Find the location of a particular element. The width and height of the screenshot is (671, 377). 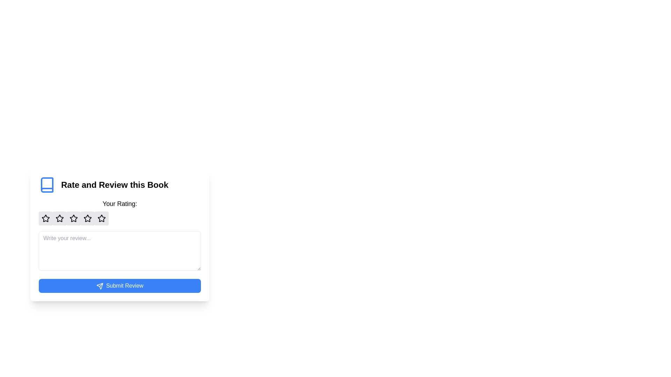

the book icon located to the far left of the 'Rate and Review this Book' section is located at coordinates (46, 184).